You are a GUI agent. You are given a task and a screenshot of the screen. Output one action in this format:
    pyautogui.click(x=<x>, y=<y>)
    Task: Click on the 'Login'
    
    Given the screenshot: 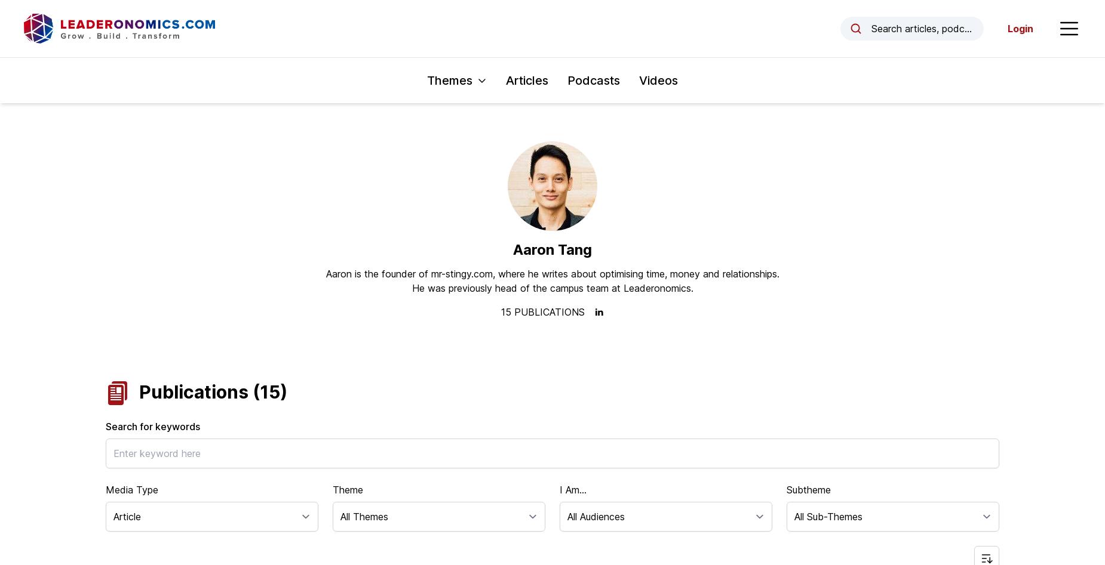 What is the action you would take?
    pyautogui.click(x=1020, y=29)
    